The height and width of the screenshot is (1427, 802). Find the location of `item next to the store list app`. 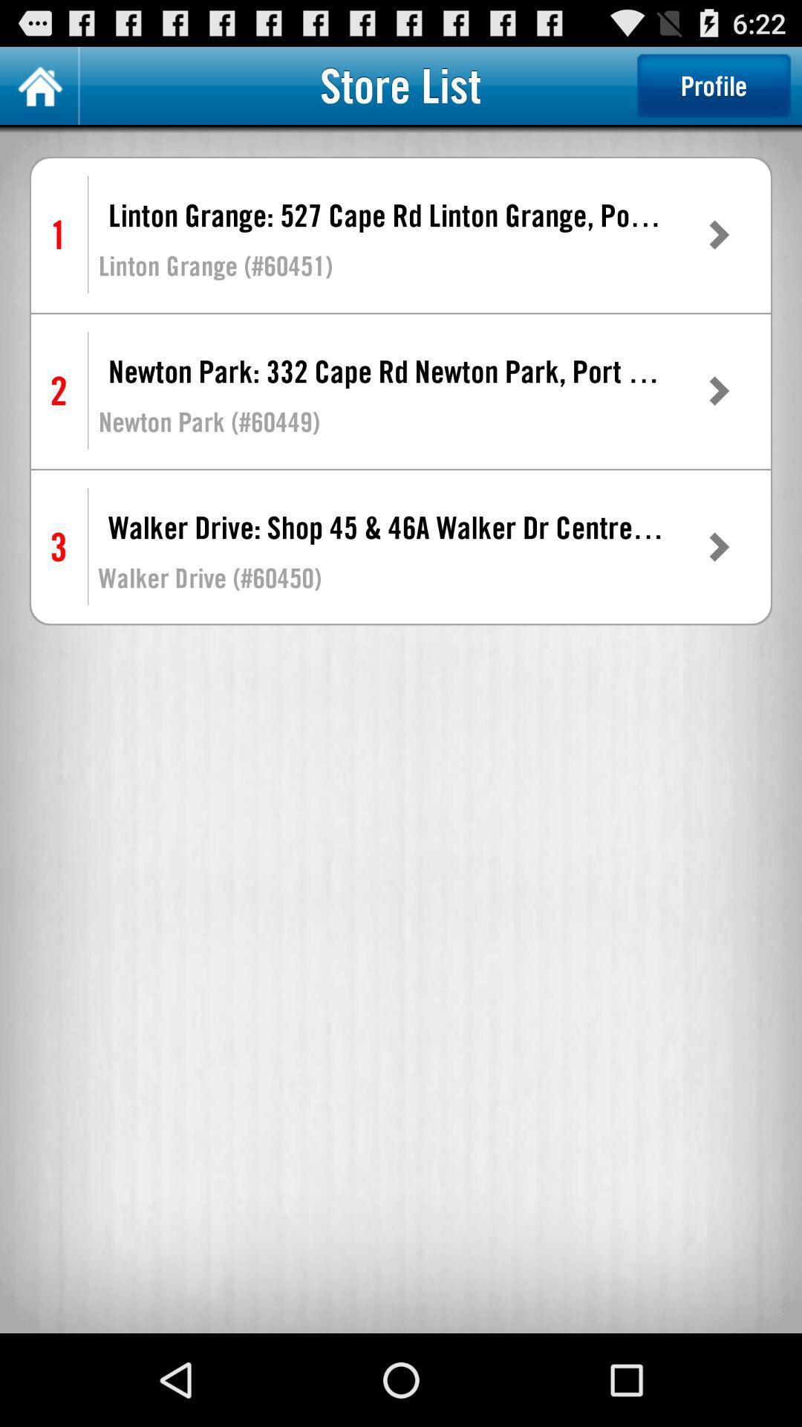

item next to the store list app is located at coordinates (713, 85).